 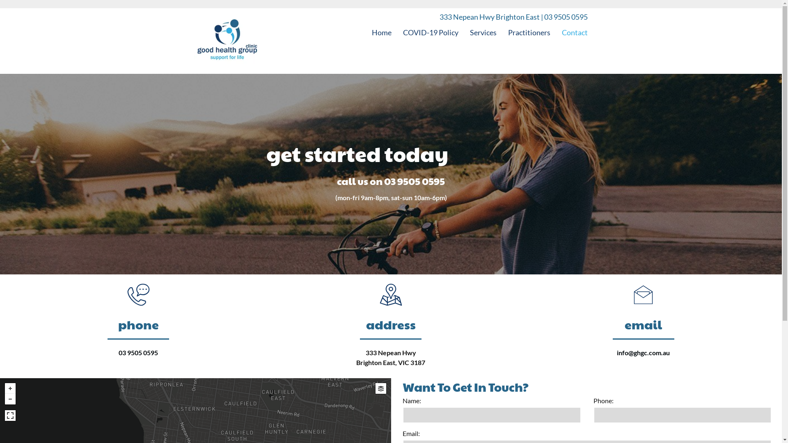 I want to click on 'COVID-19 Policy', so click(x=403, y=32).